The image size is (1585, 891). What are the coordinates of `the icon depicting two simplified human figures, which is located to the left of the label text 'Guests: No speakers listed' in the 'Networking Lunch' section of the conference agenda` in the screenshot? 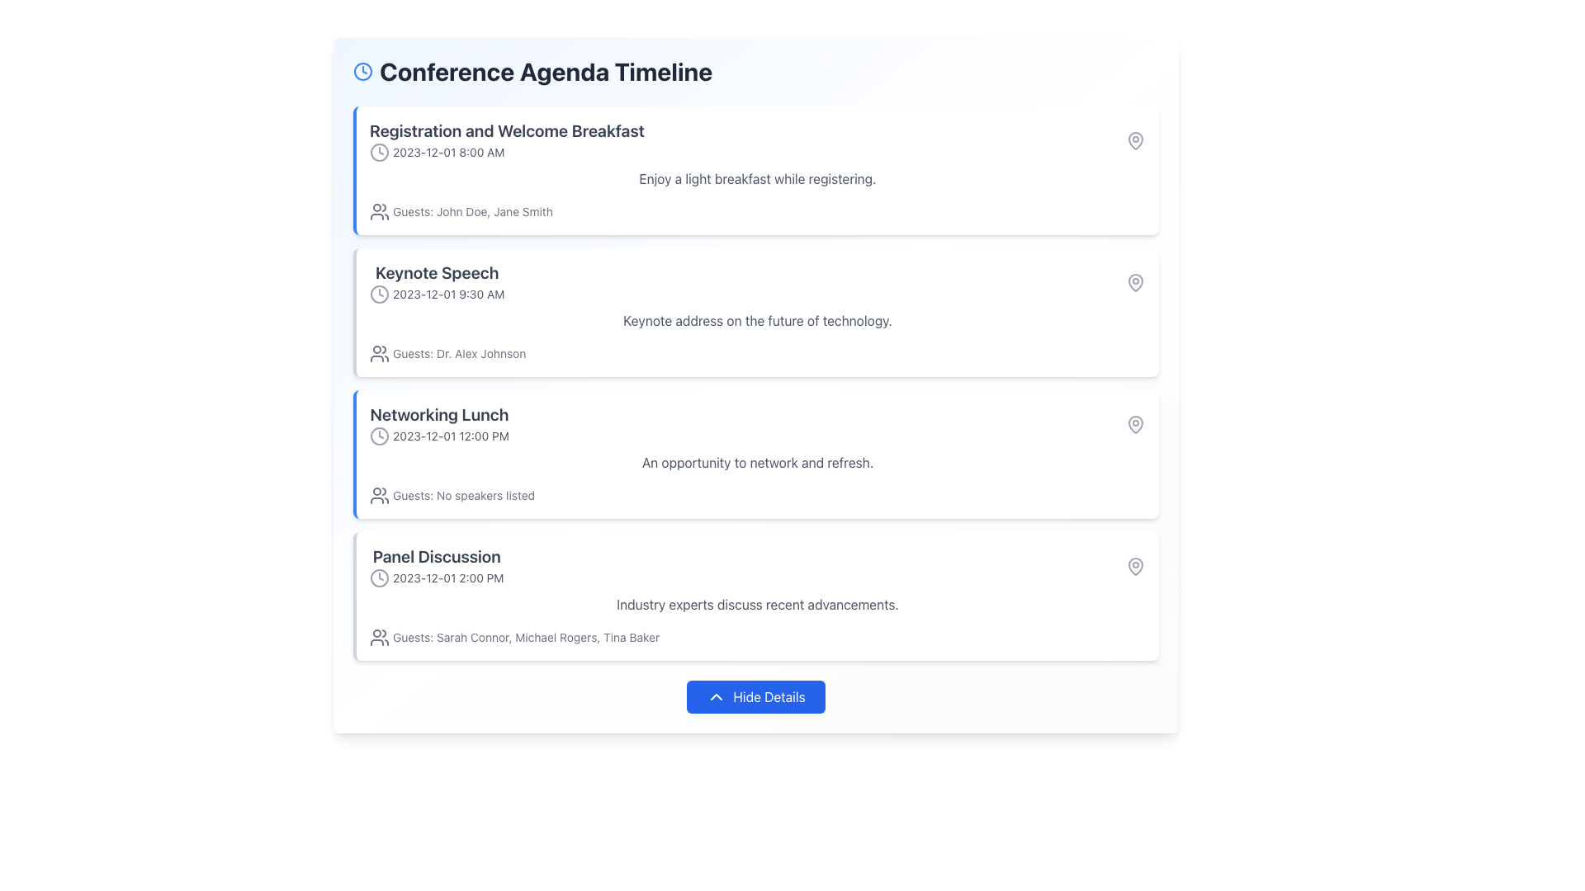 It's located at (379, 495).